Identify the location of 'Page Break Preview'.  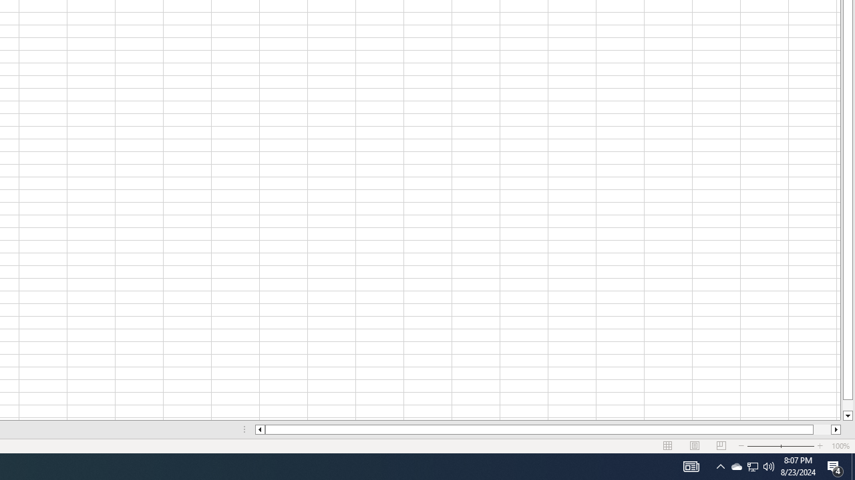
(720, 446).